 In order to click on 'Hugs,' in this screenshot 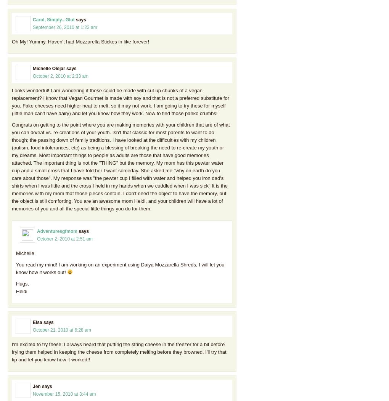, I will do `click(22, 283)`.